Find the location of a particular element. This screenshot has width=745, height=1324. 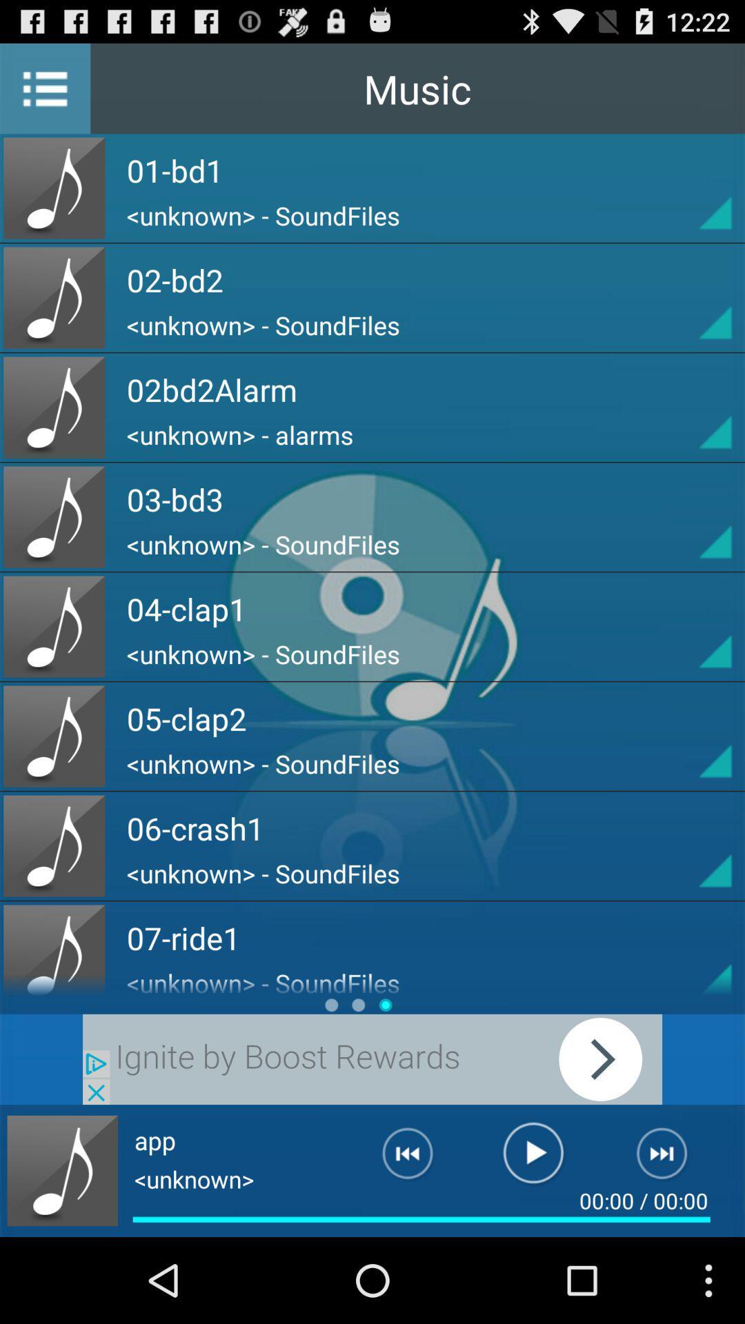

next song is located at coordinates (670, 1158).